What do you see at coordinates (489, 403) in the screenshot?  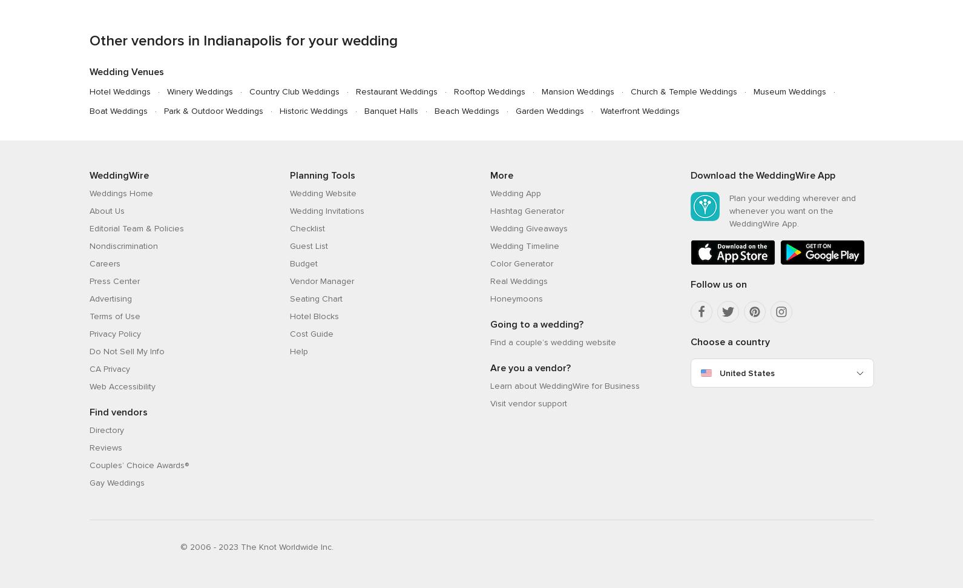 I see `'Visit vendor support'` at bounding box center [489, 403].